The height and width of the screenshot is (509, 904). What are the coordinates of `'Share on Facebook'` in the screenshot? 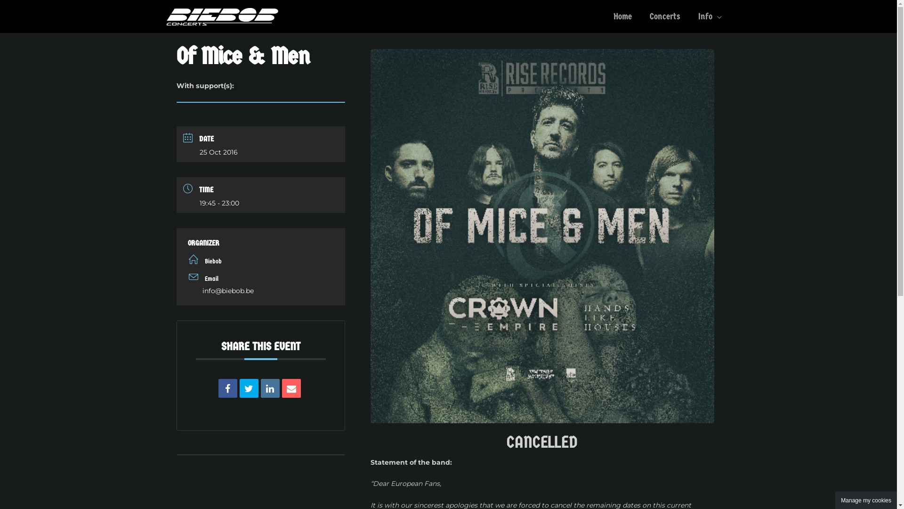 It's located at (228, 388).